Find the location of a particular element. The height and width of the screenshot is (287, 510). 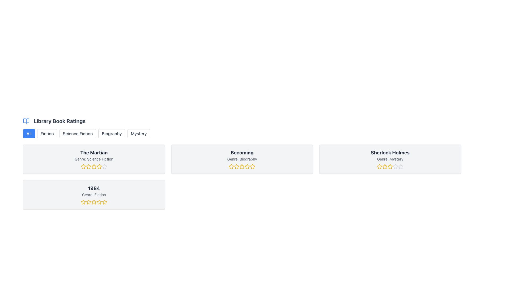

the fourth rating star in the horizontal arrangement under the '1984' book rating for visual feedback is located at coordinates (99, 202).